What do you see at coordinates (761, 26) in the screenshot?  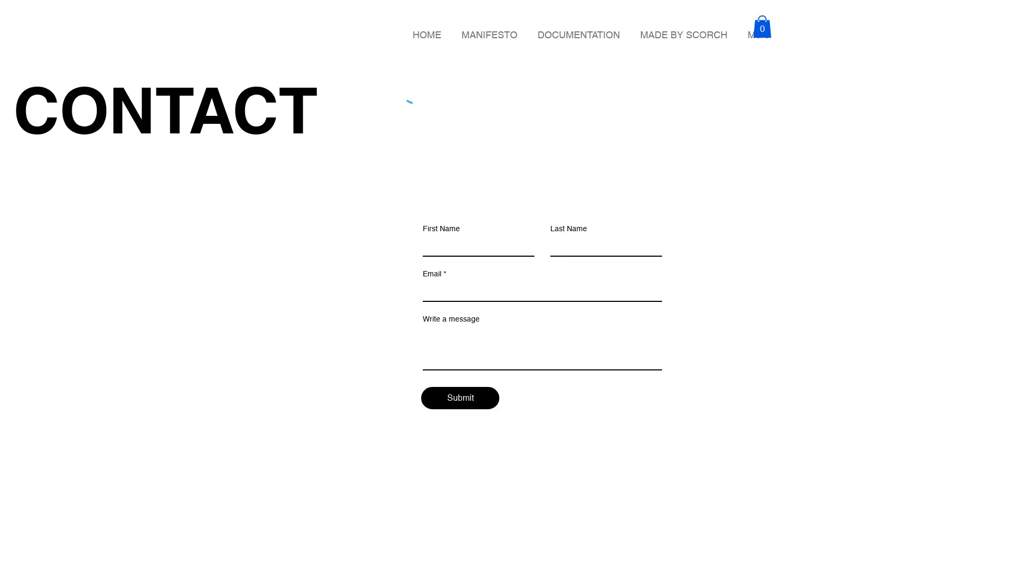 I see `Cart with 0 items` at bounding box center [761, 26].